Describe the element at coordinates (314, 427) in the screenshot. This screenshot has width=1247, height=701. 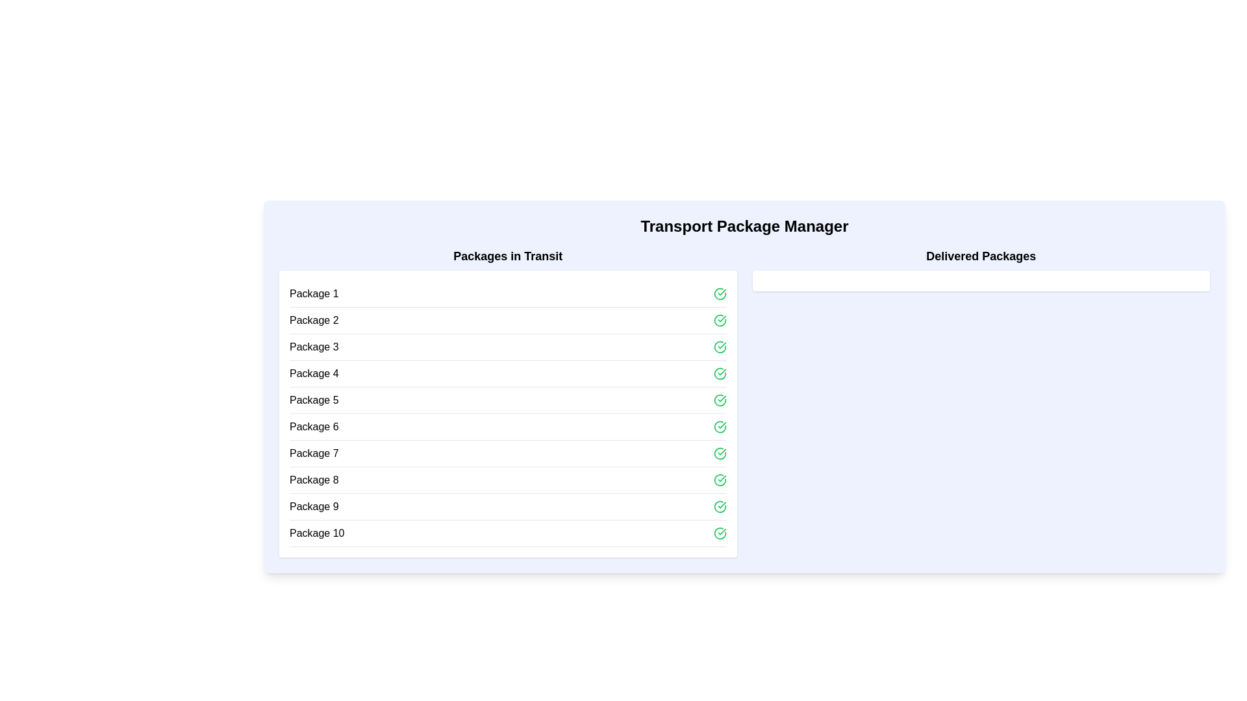
I see `the information of the text label displaying 'Package 6', which is the sixth item in the list under the header 'Packages in Transit'` at that location.